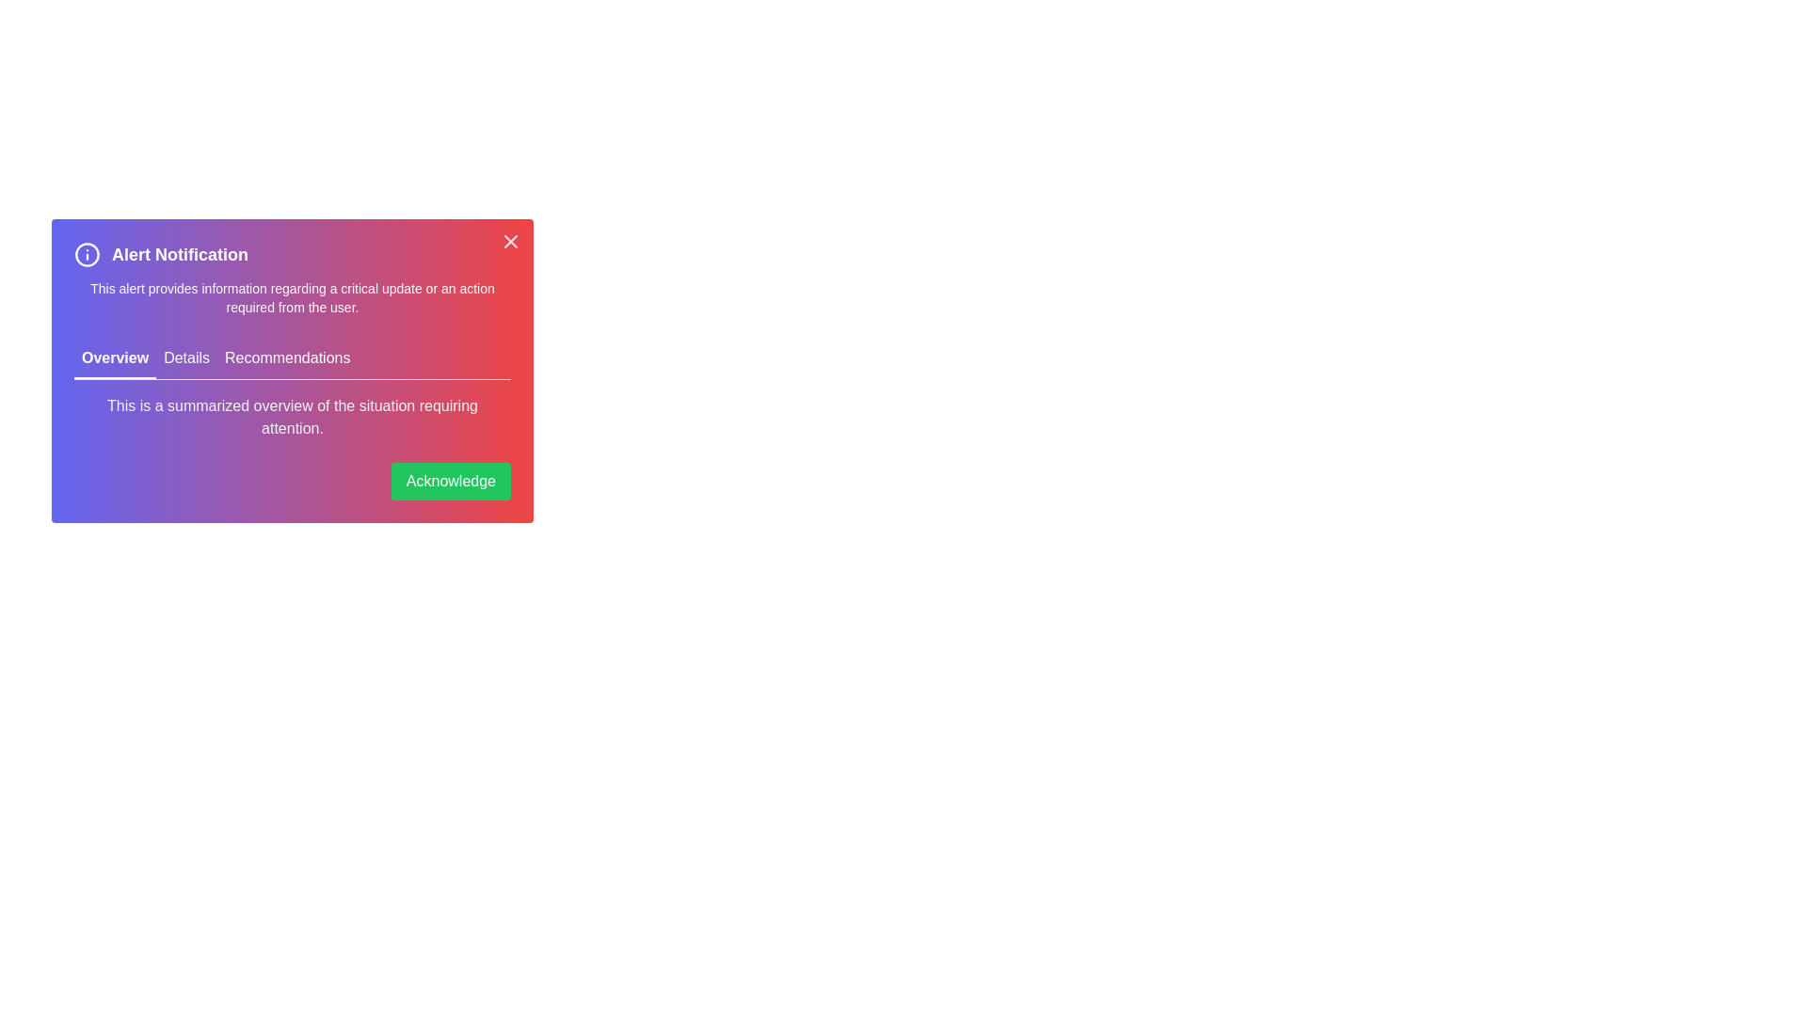 Image resolution: width=1807 pixels, height=1016 pixels. Describe the element at coordinates (450, 481) in the screenshot. I see `the 'Acknowledge' button to acknowledge the alert` at that location.